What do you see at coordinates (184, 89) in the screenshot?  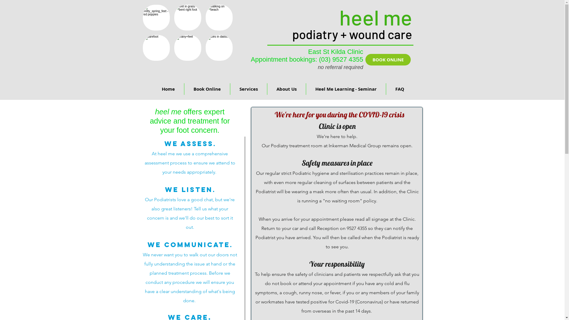 I see `'Book Online'` at bounding box center [184, 89].